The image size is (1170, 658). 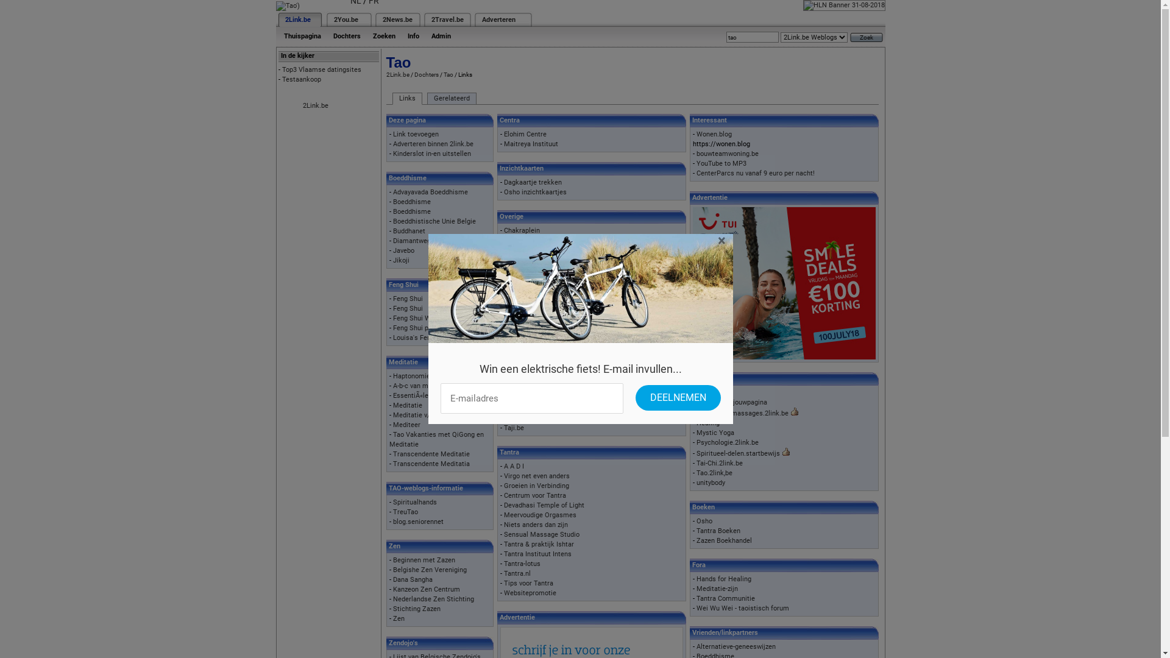 What do you see at coordinates (412, 579) in the screenshot?
I see `'Dana Sangha'` at bounding box center [412, 579].